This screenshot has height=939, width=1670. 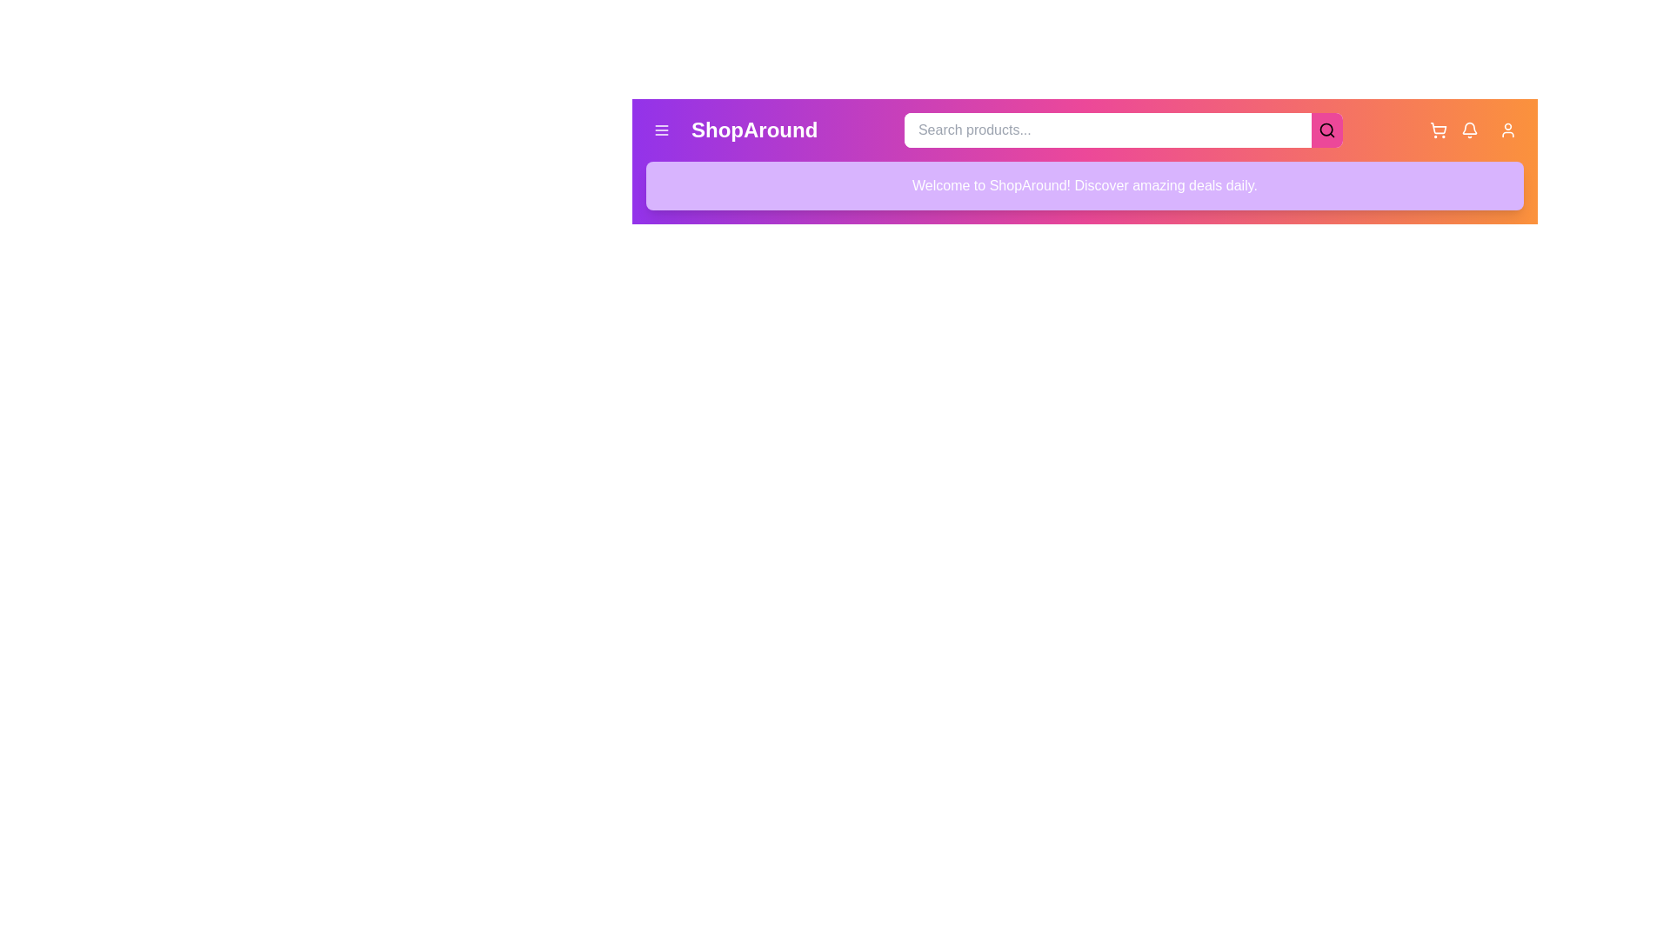 I want to click on the shopping cart icon, so click(x=1439, y=130).